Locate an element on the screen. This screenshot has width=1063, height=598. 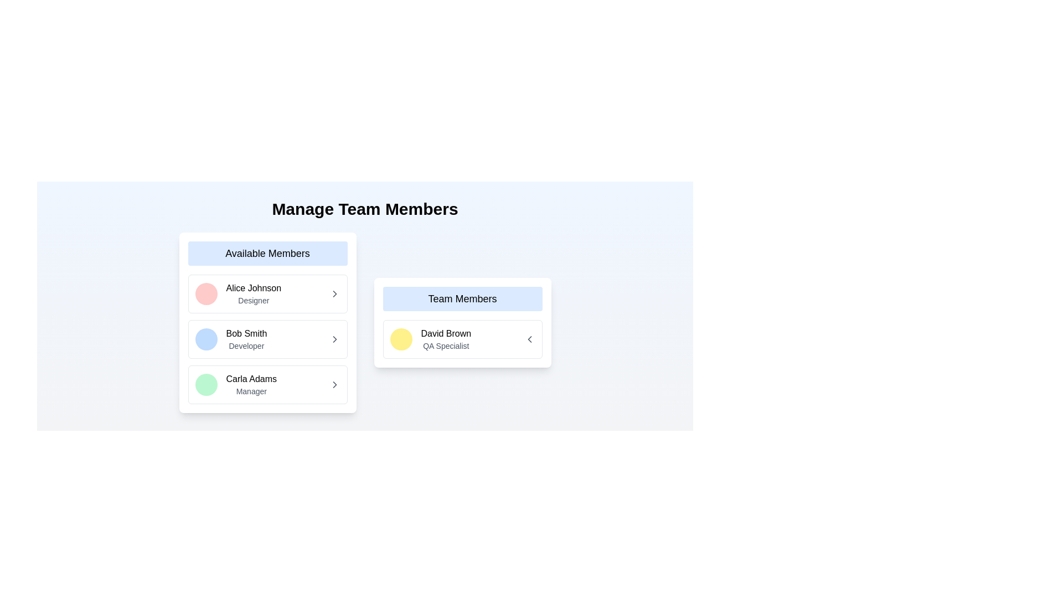
text label displaying 'Manager' located beneath 'Carla Adams' in the 'Available Members' list is located at coordinates (251, 390).